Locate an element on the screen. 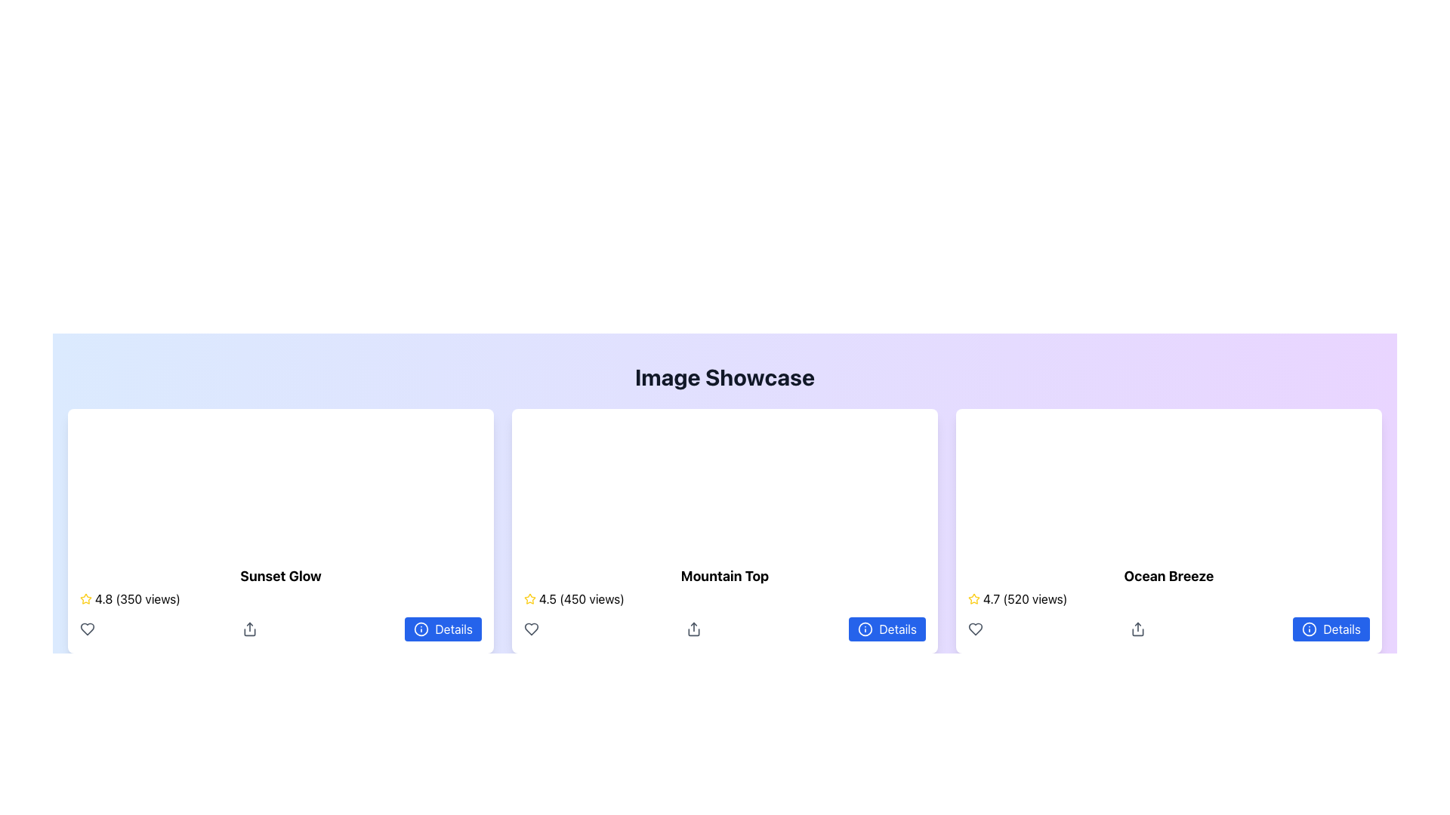  contents of the text label that serves as the title of the card, located in the second card of a horizontally aligned grid, positioned above the rating and views section is located at coordinates (725, 576).